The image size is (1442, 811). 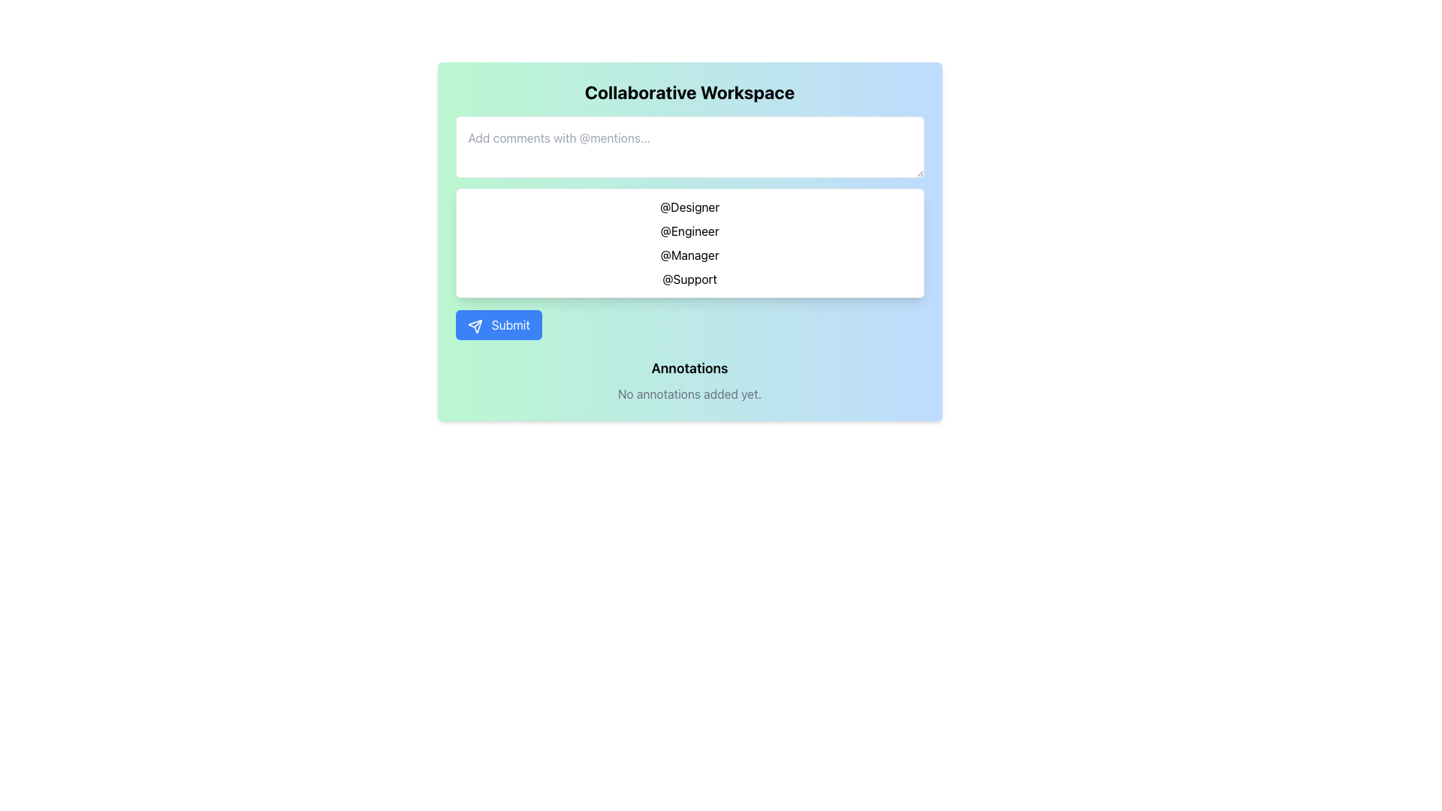 What do you see at coordinates (689, 231) in the screenshot?
I see `the selectable list item displaying the mention '@Engineer'` at bounding box center [689, 231].